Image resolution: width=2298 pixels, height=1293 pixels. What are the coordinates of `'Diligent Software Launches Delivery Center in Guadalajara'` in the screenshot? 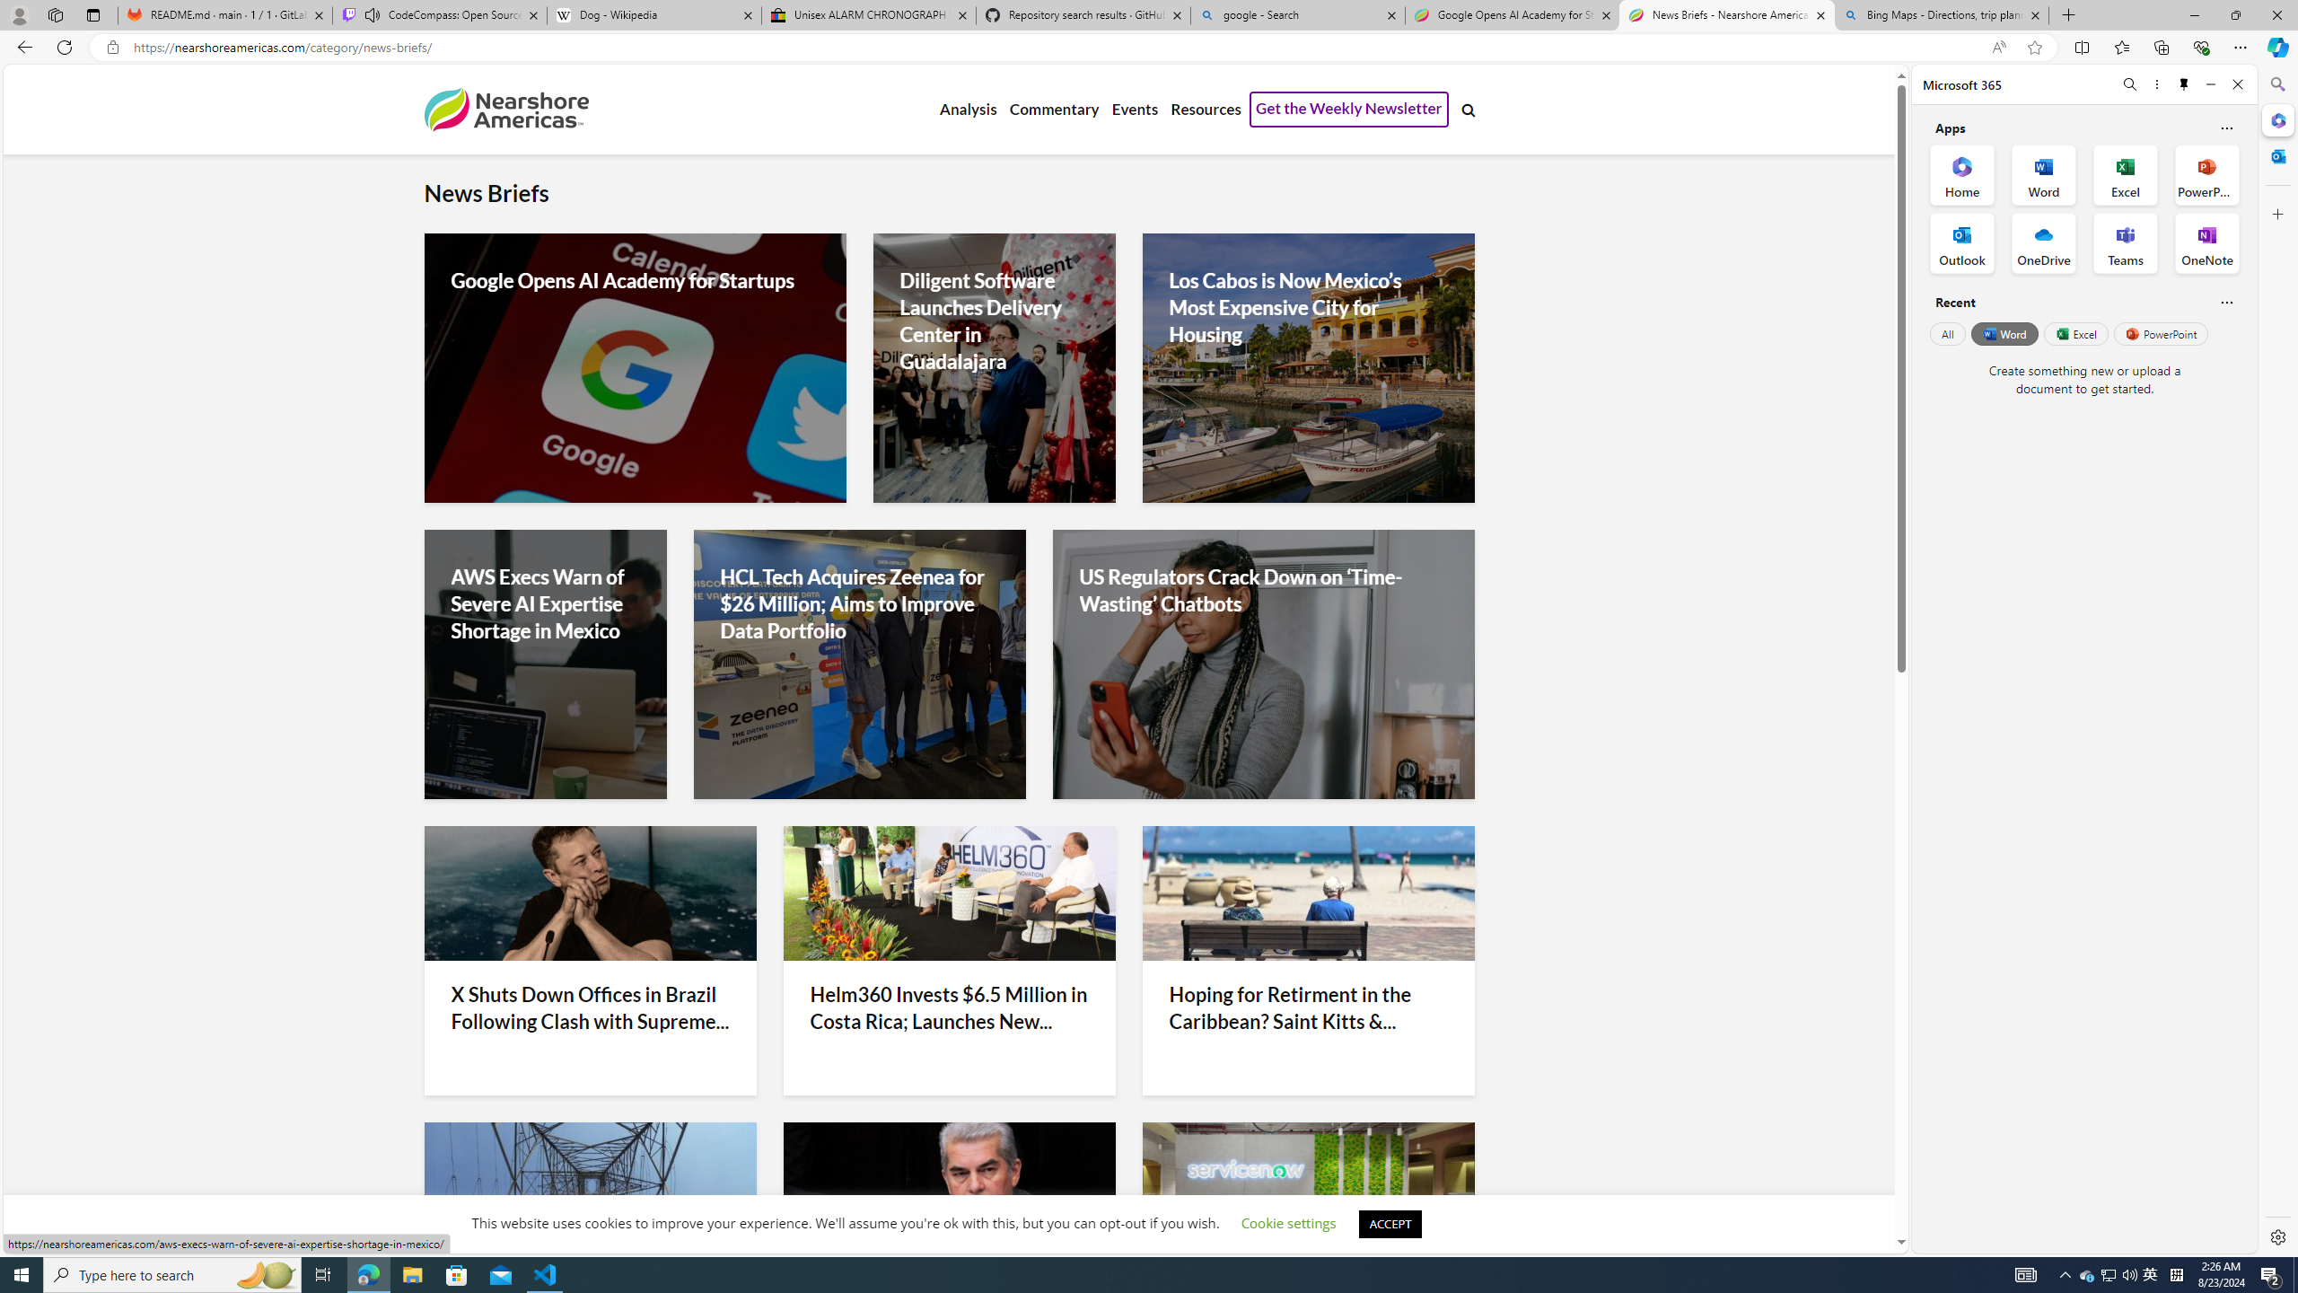 It's located at (993, 320).